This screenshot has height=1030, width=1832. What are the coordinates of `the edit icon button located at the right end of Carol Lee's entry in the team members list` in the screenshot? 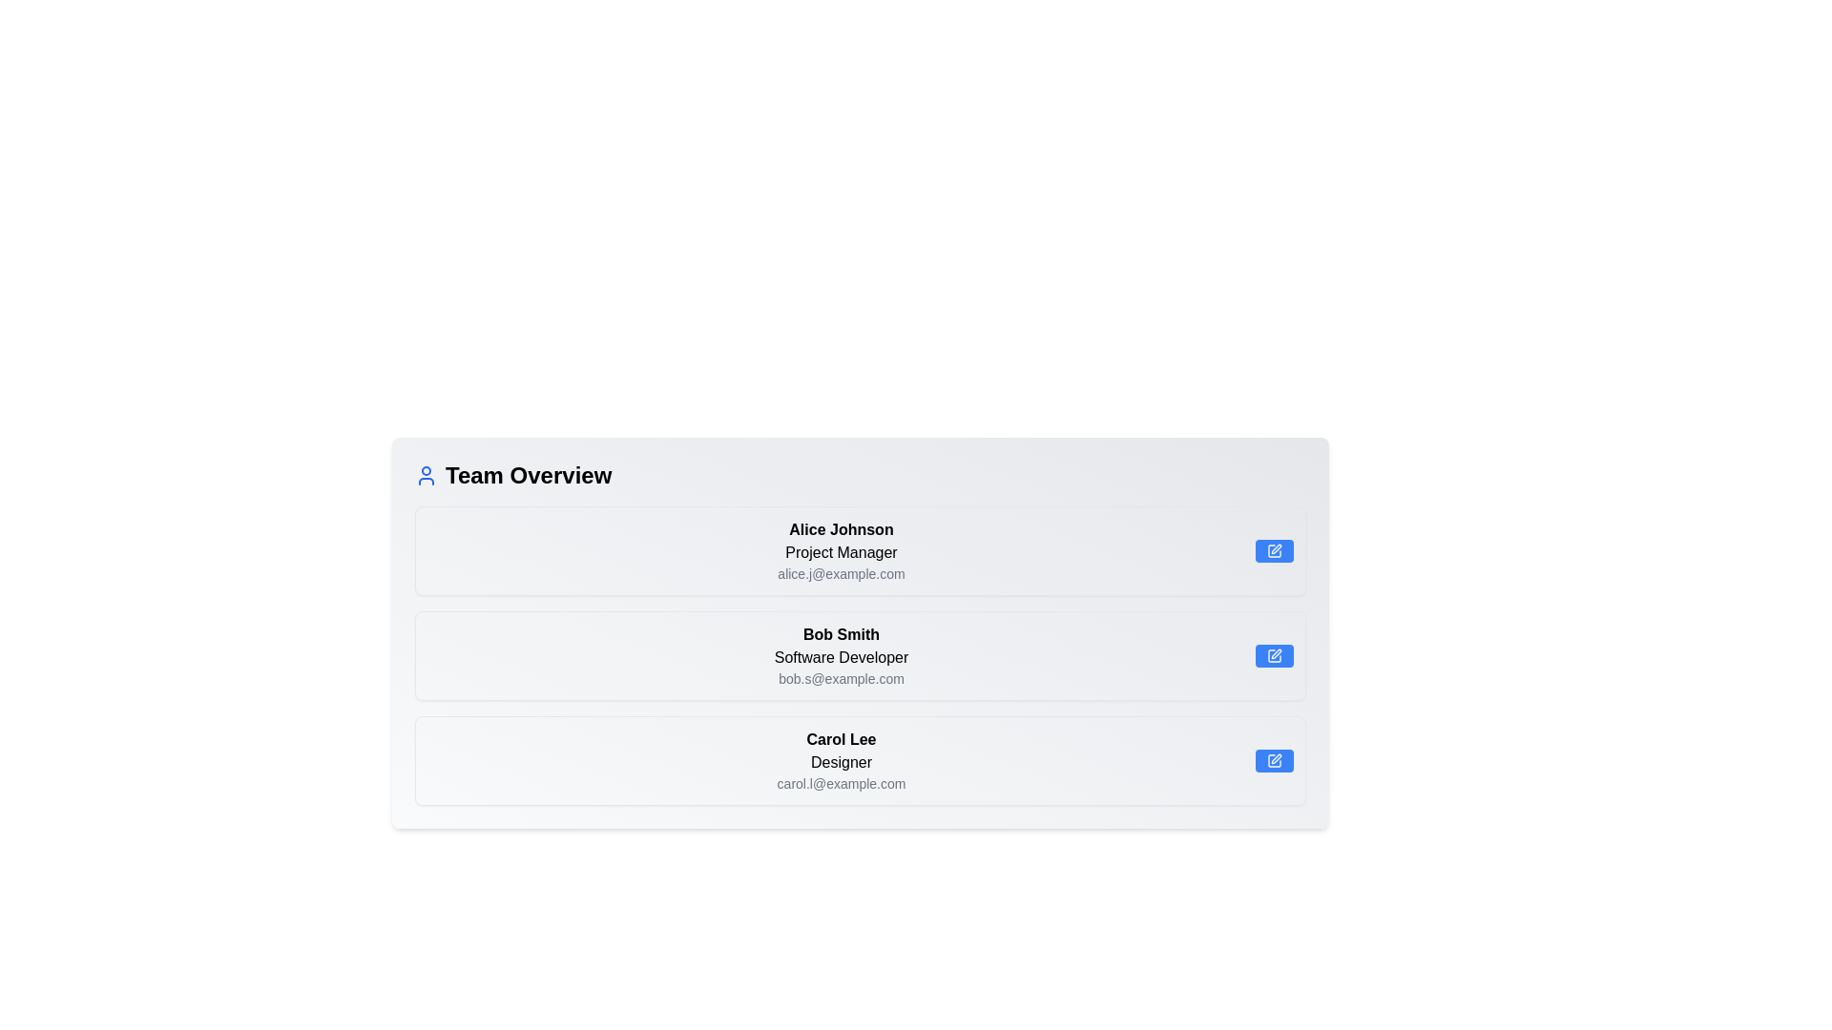 It's located at (1274, 760).